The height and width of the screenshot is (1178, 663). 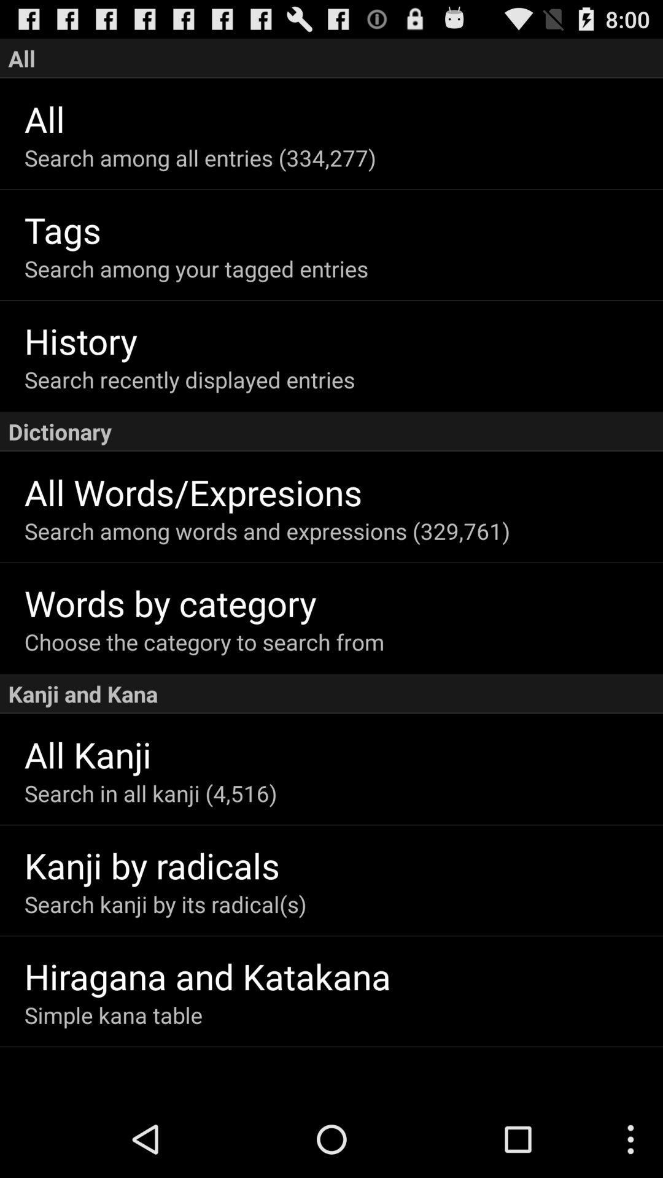 I want to click on icon above kanji and kana item, so click(x=343, y=641).